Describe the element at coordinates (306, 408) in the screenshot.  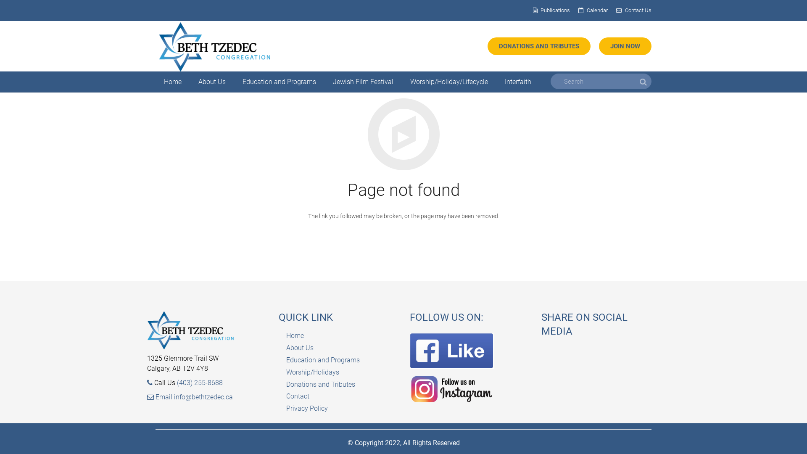
I see `'Privacy Policy'` at that location.